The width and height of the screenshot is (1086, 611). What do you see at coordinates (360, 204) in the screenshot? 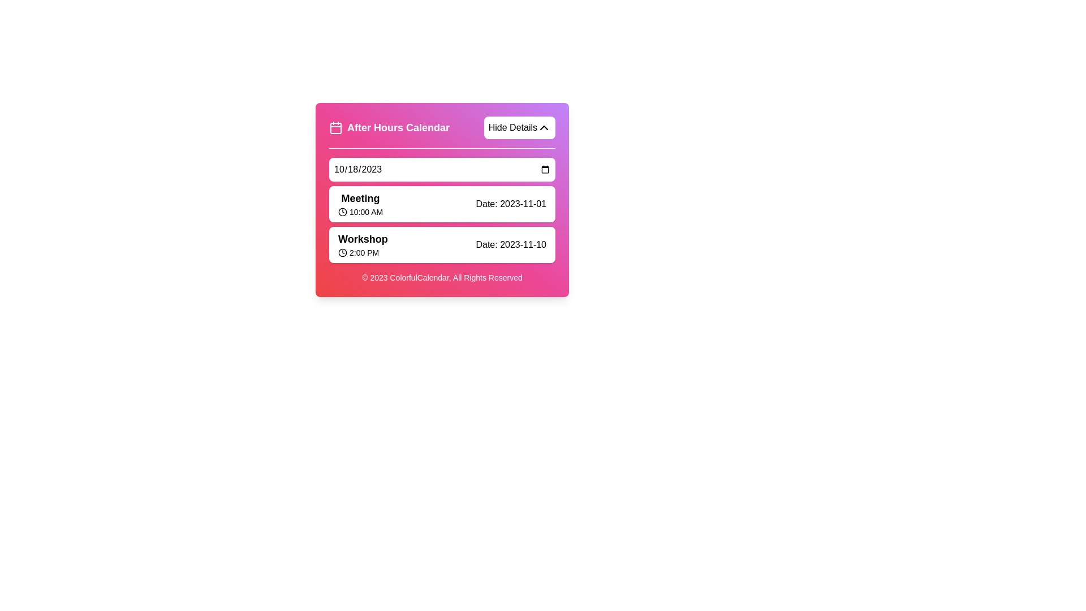
I see `the Event display item titled 'Meeting' with the time '10:00 AM'` at bounding box center [360, 204].